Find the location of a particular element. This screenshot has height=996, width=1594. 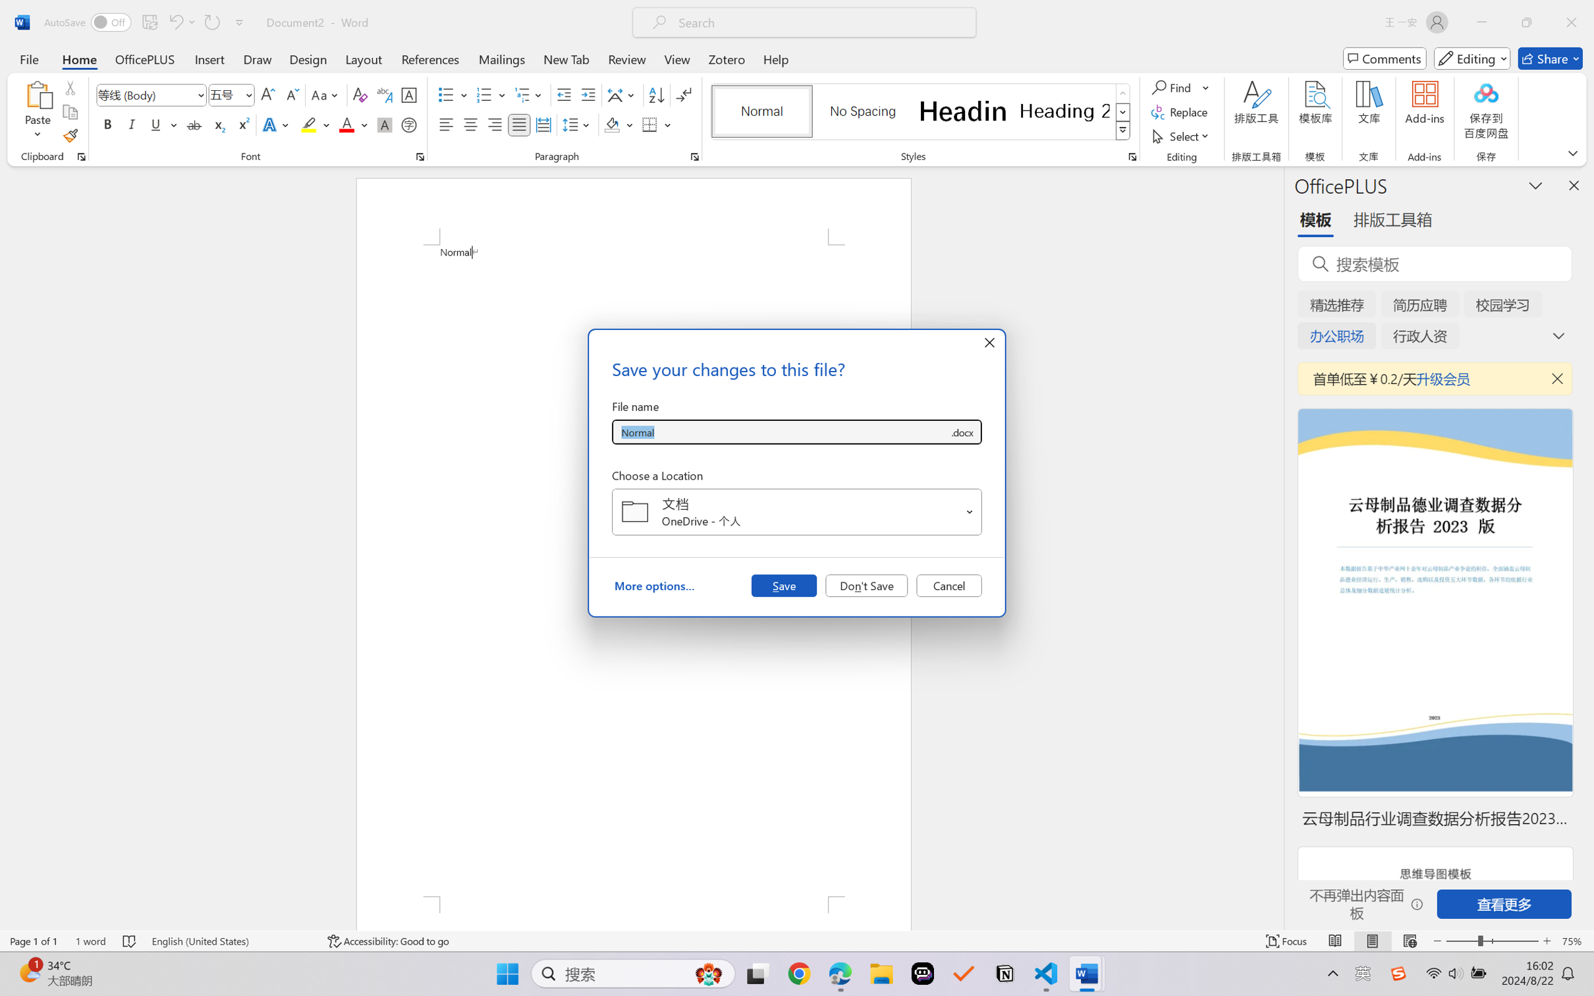

'Bullets' is located at coordinates (453, 95).